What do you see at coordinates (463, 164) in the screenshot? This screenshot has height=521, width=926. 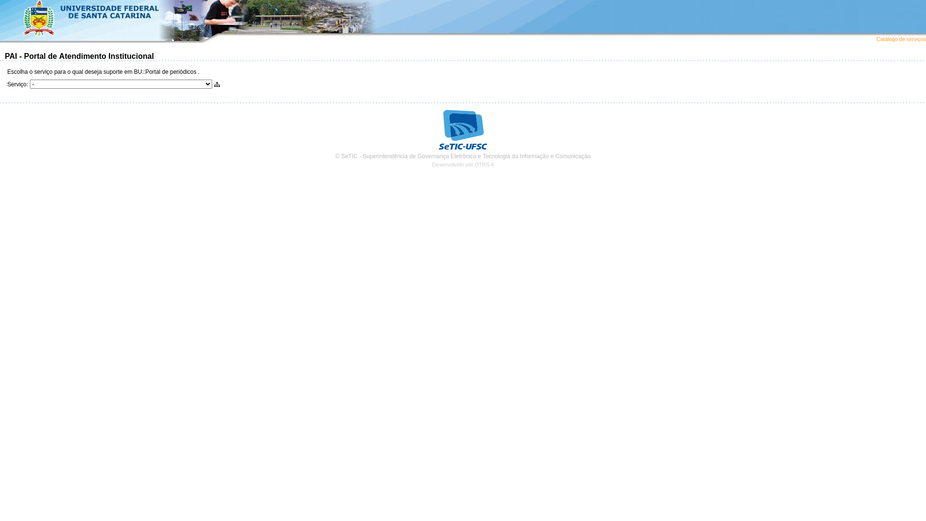 I see `'Desenvolvido por OTRS 4'` at bounding box center [463, 164].